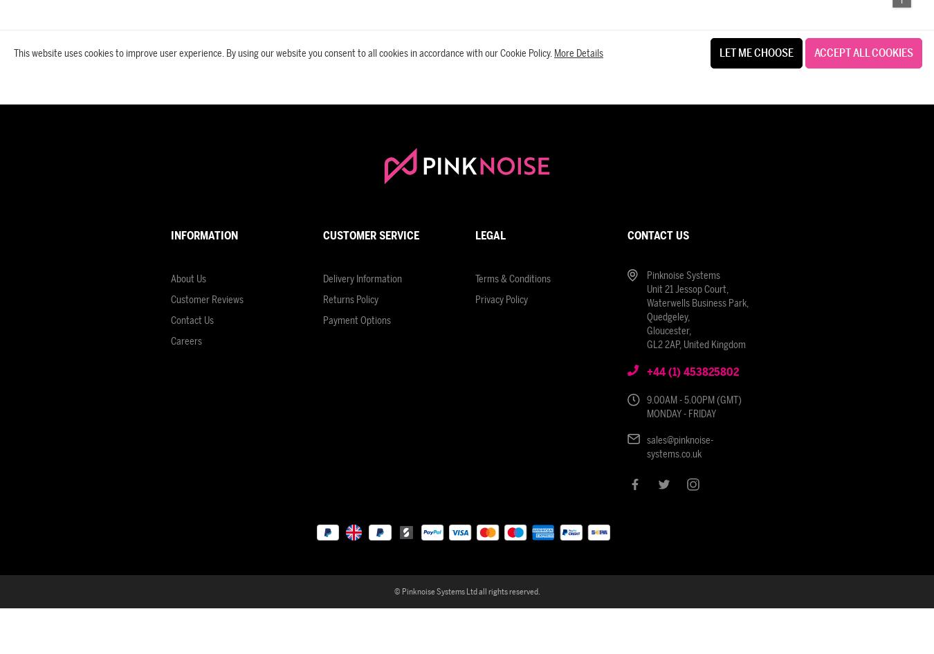  What do you see at coordinates (668, 317) in the screenshot?
I see `'Quedgeley,'` at bounding box center [668, 317].